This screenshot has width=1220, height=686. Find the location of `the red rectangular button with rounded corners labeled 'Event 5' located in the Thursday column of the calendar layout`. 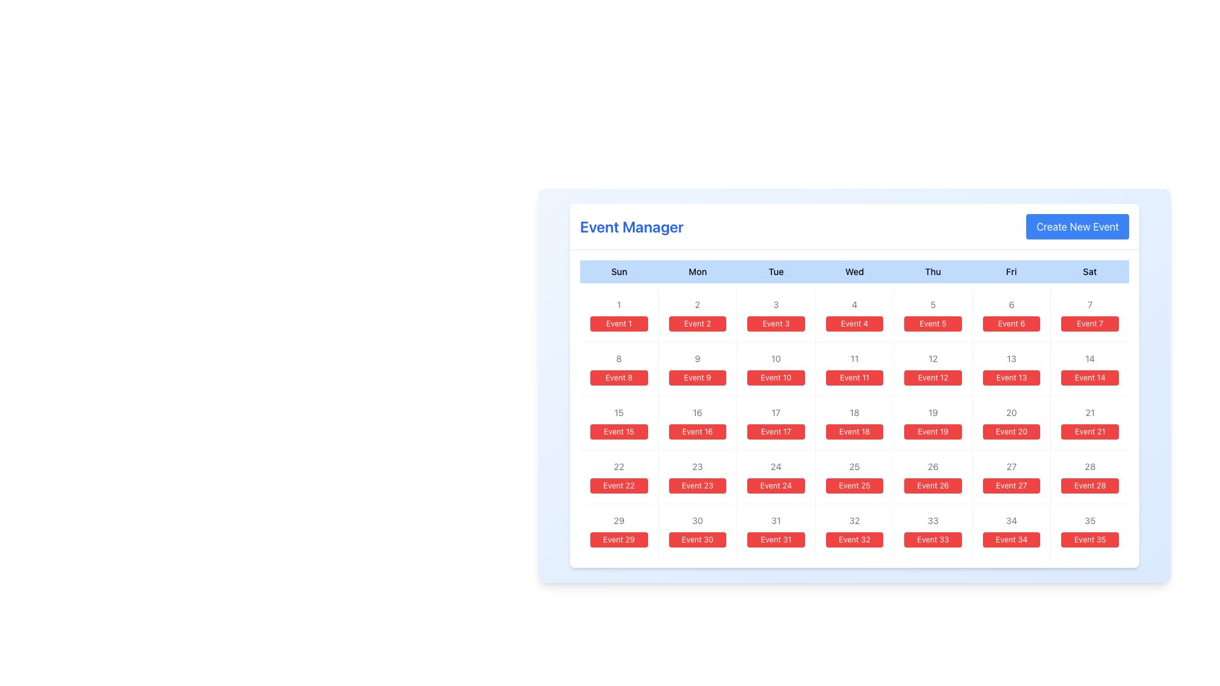

the red rectangular button with rounded corners labeled 'Event 5' located in the Thursday column of the calendar layout is located at coordinates (933, 323).